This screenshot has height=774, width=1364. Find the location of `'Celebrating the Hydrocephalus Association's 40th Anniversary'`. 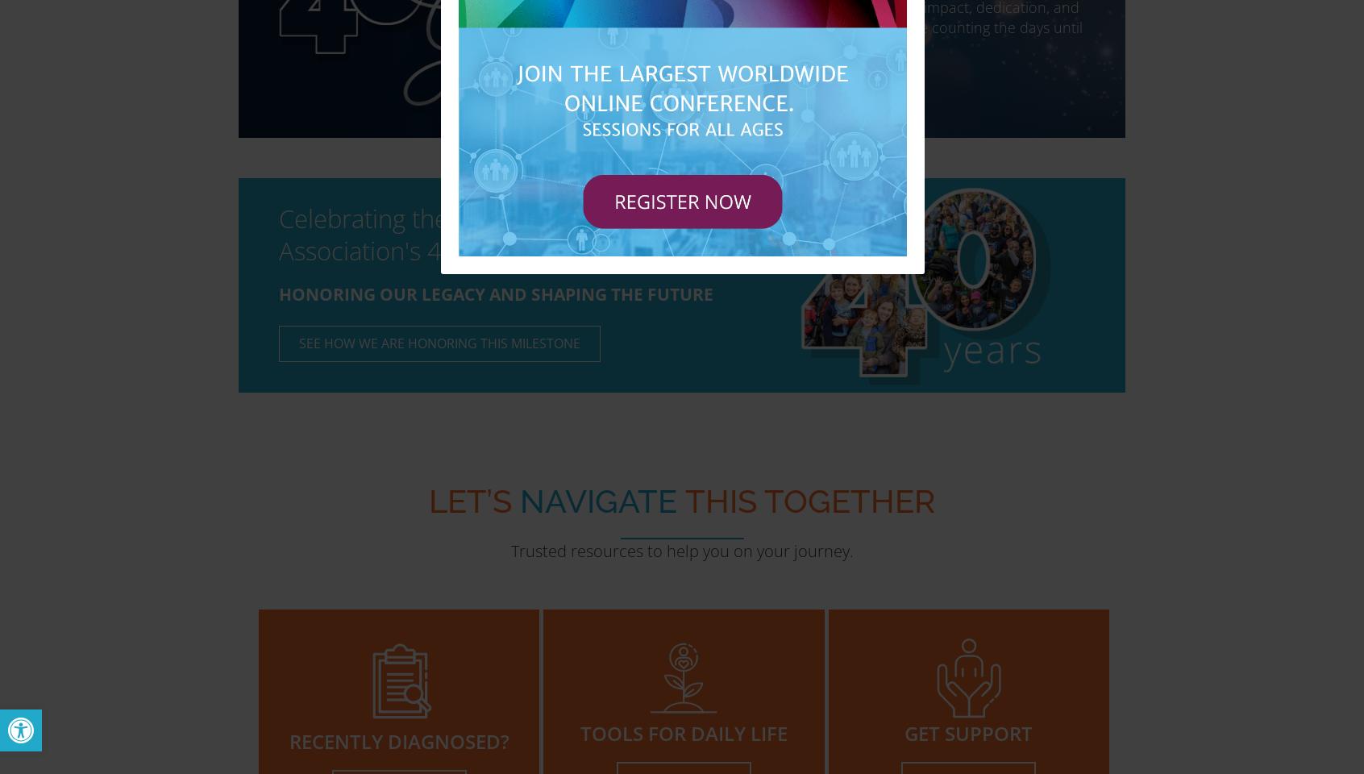

'Celebrating the Hydrocephalus Association's 40th Anniversary' is located at coordinates (450, 233).